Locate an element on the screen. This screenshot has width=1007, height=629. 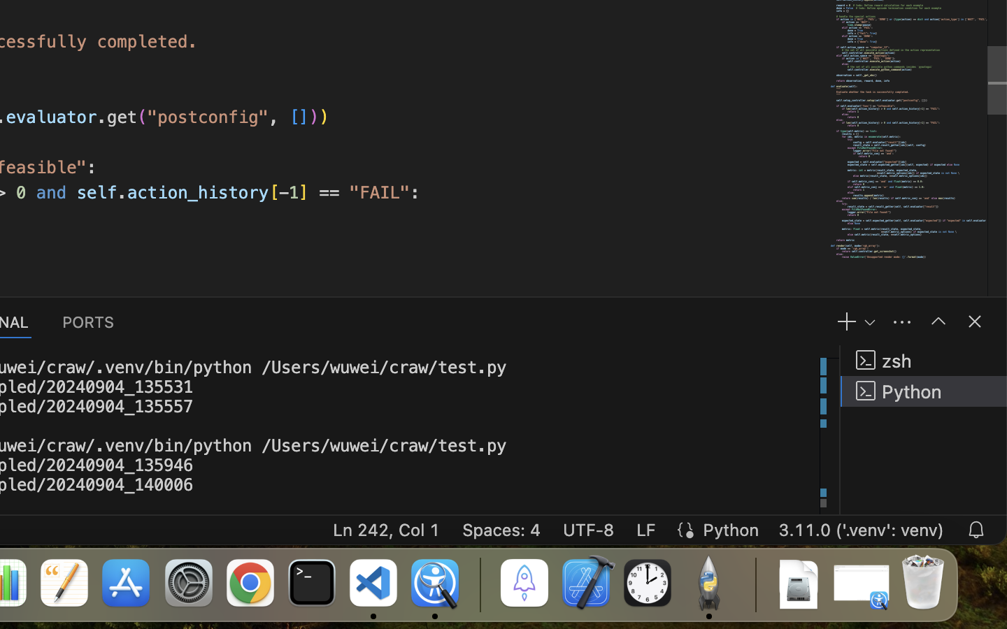
'' is located at coordinates (975, 320).